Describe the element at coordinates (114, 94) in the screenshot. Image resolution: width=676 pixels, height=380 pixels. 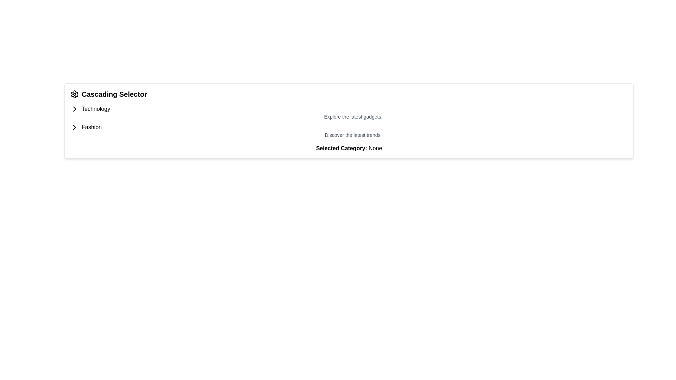
I see `the bold text label that reads 'Cascading Selector', which is positioned to the right of the gear icon` at that location.